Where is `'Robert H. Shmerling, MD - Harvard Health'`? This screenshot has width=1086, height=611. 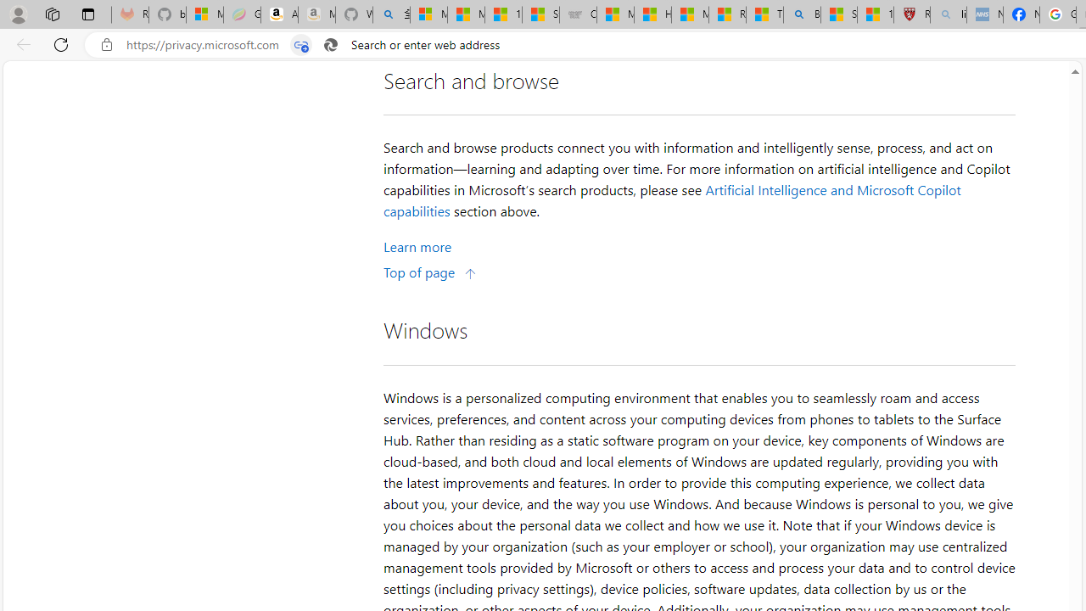
'Robert H. Shmerling, MD - Harvard Health' is located at coordinates (910, 14).